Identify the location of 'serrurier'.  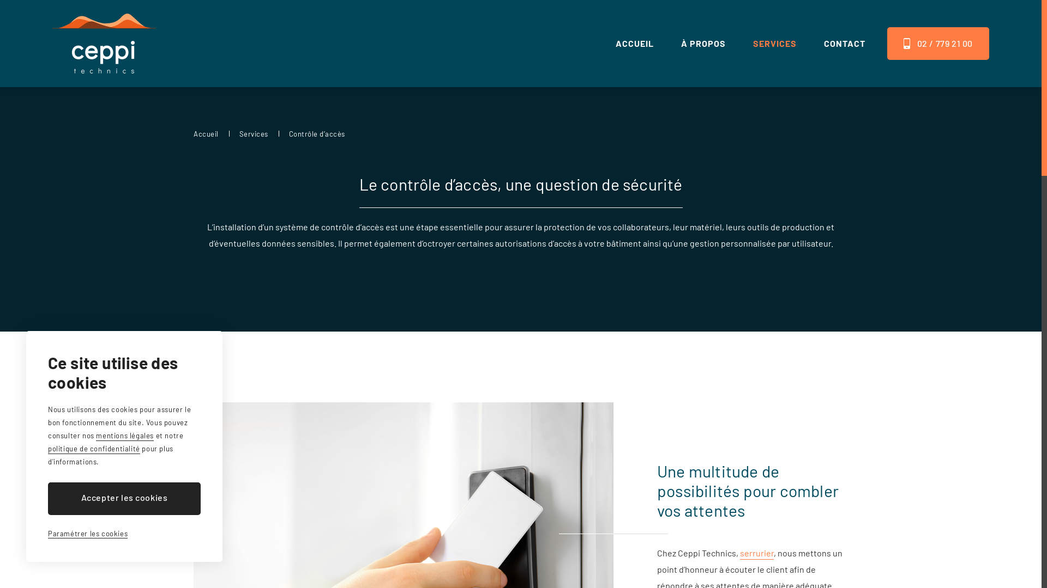
(756, 554).